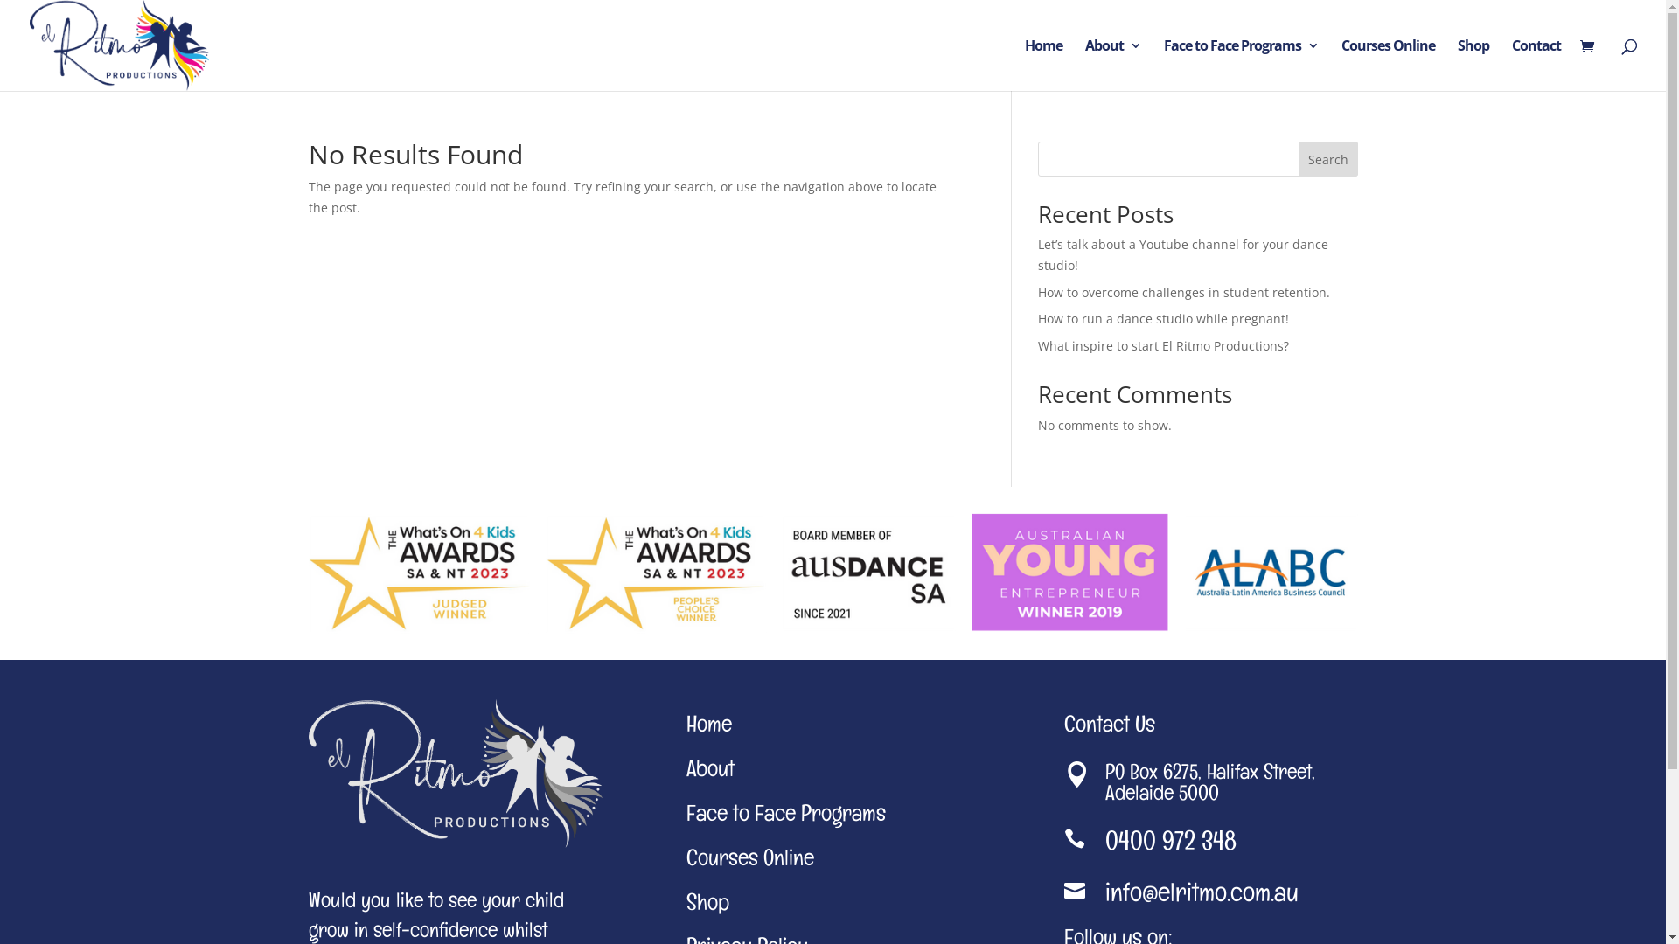 Image resolution: width=1679 pixels, height=944 pixels. I want to click on '0400 972 348', so click(1104, 844).